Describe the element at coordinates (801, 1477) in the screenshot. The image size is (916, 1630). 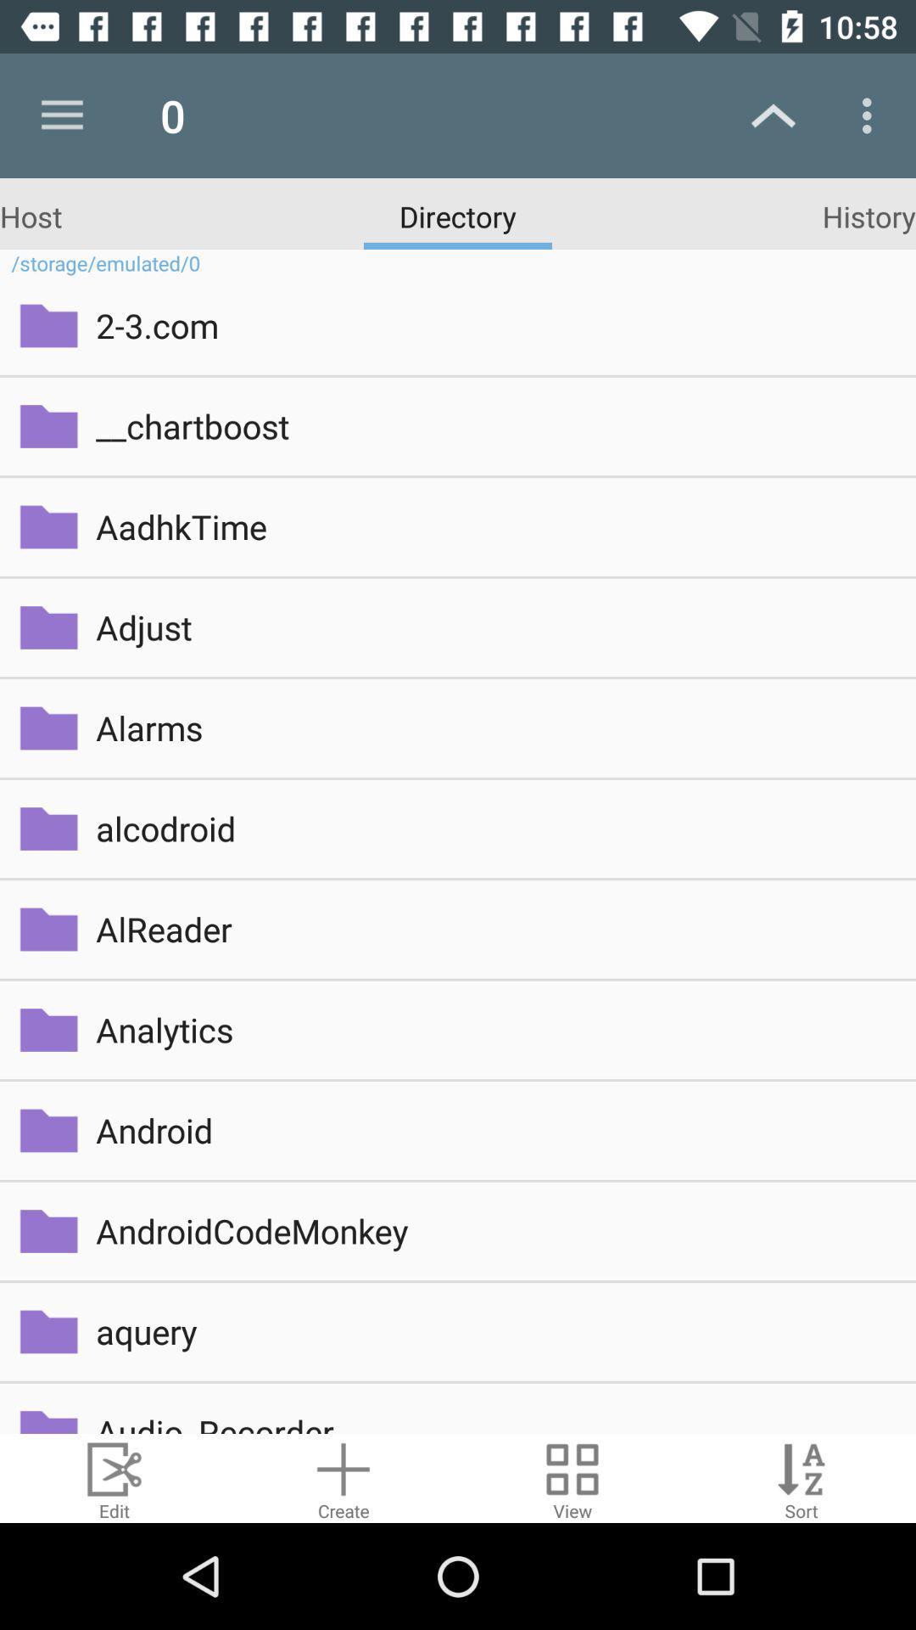
I see `sort alphabetically` at that location.